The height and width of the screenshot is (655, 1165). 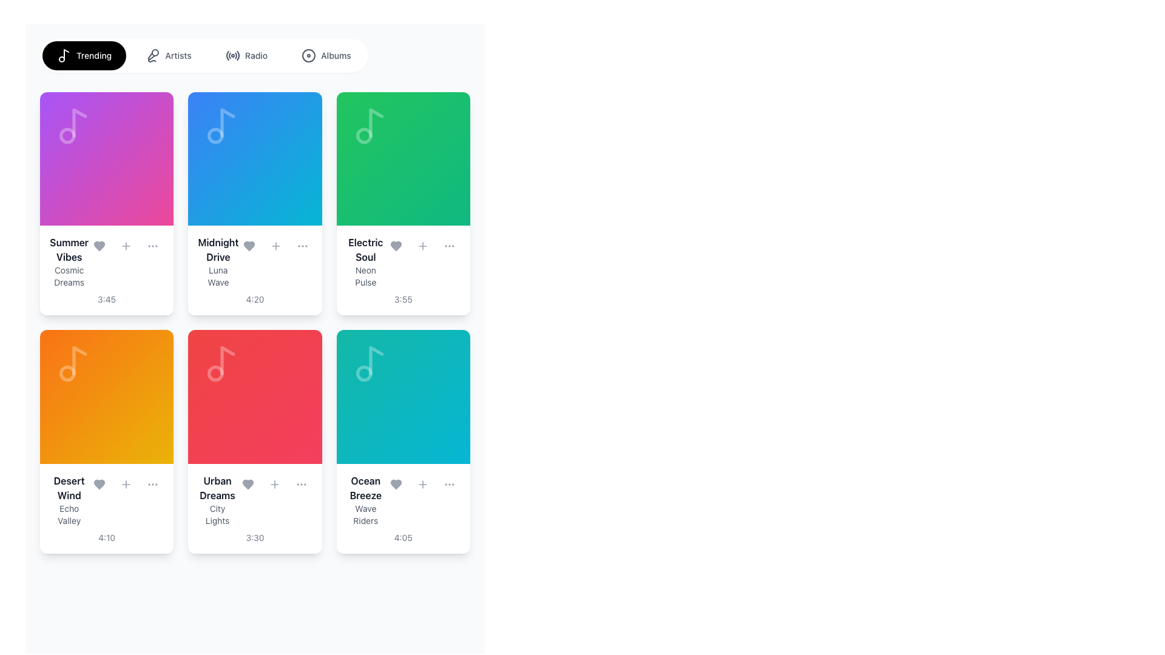 I want to click on the song details card located in the first row and first column of the grid layout, which presents information about the song including title, artist, and duration, so click(x=107, y=270).